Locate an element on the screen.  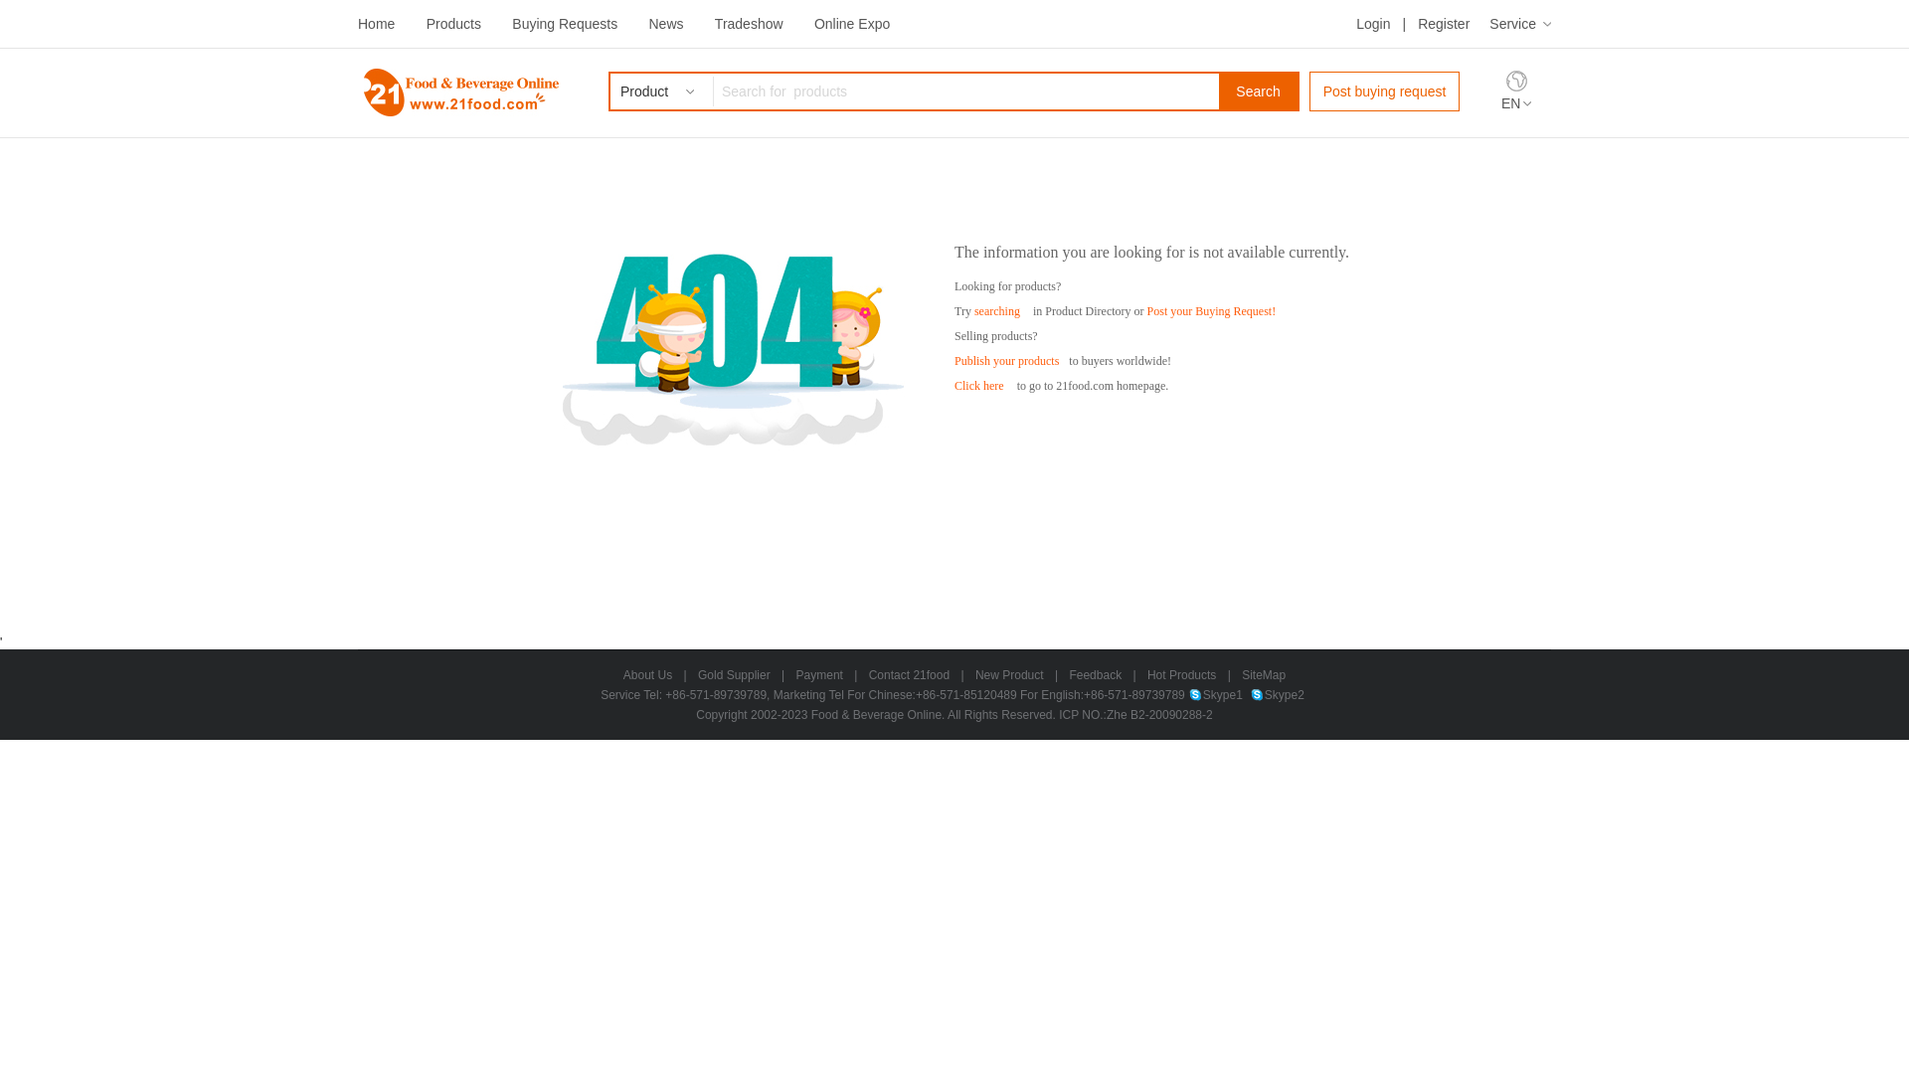
'Products' is located at coordinates (452, 23).